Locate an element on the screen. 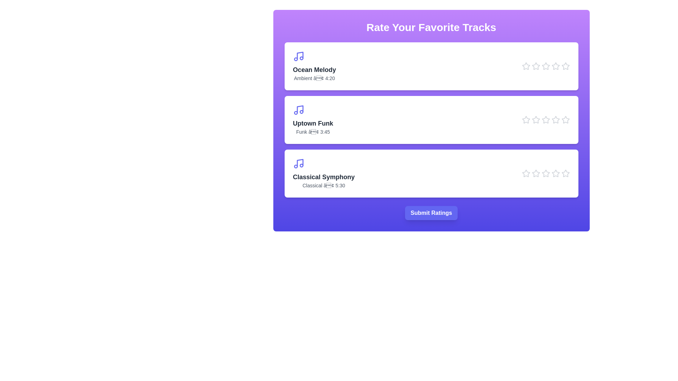  the star icon corresponding to Ocean Melody at 5 stars to preview the rating is located at coordinates (565, 66).